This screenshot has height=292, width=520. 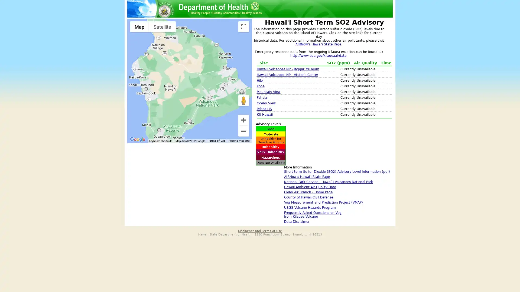 What do you see at coordinates (243, 27) in the screenshot?
I see `Toggle fullscreen view` at bounding box center [243, 27].